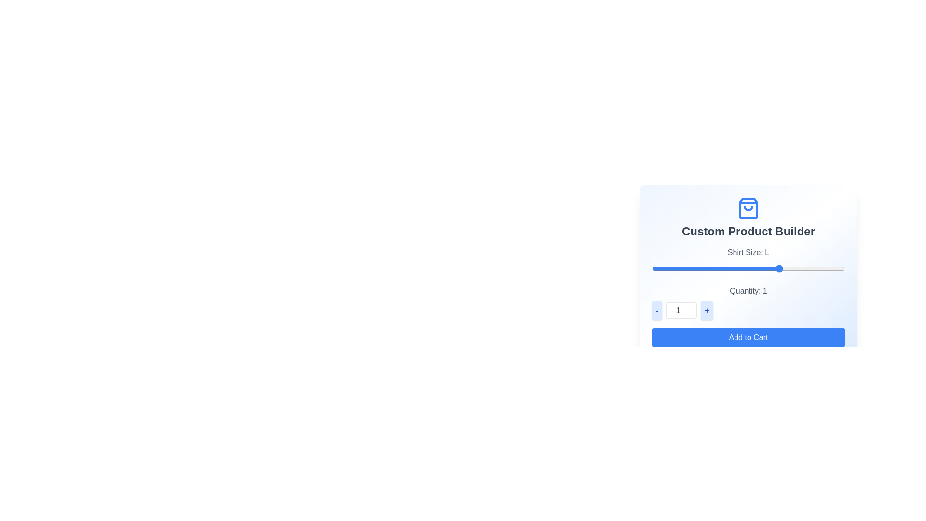 This screenshot has width=926, height=521. I want to click on the topmost visual part of the shopping bag icon, which has a blue outline and slight shading, located above the heading 'Custom Product Builder', so click(748, 208).